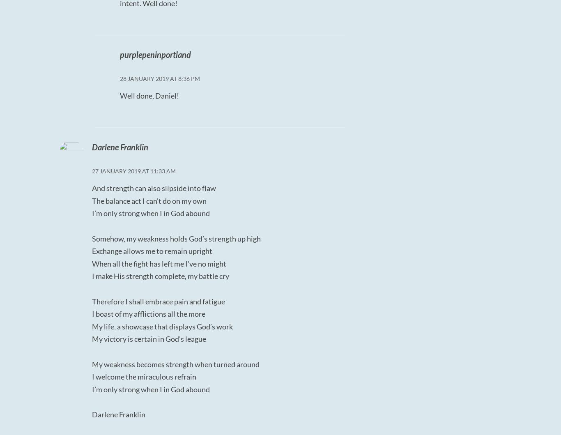 This screenshot has height=435, width=561. What do you see at coordinates (158, 301) in the screenshot?
I see `'Therefore I shall embrace pain and fatigue'` at bounding box center [158, 301].